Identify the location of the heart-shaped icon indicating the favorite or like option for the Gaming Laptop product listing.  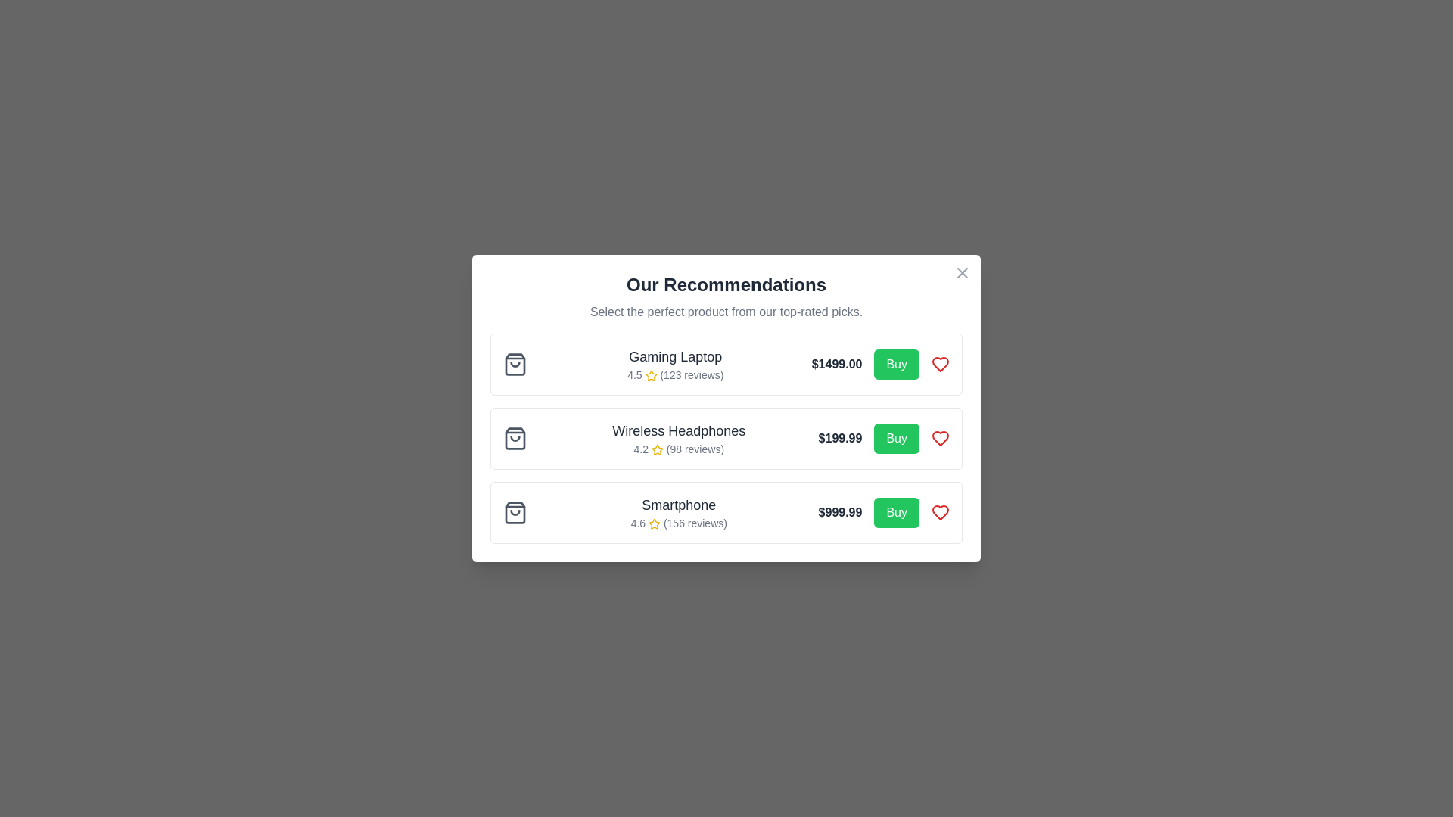
(940, 365).